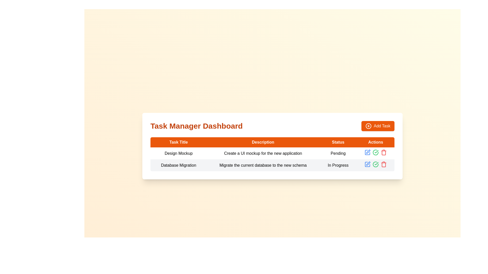 Image resolution: width=488 pixels, height=274 pixels. What do you see at coordinates (368, 152) in the screenshot?
I see `the top boundary line of the square or rectangular icon located within the 'Actions' column of the 'Database Migration' row in the task manager table` at bounding box center [368, 152].